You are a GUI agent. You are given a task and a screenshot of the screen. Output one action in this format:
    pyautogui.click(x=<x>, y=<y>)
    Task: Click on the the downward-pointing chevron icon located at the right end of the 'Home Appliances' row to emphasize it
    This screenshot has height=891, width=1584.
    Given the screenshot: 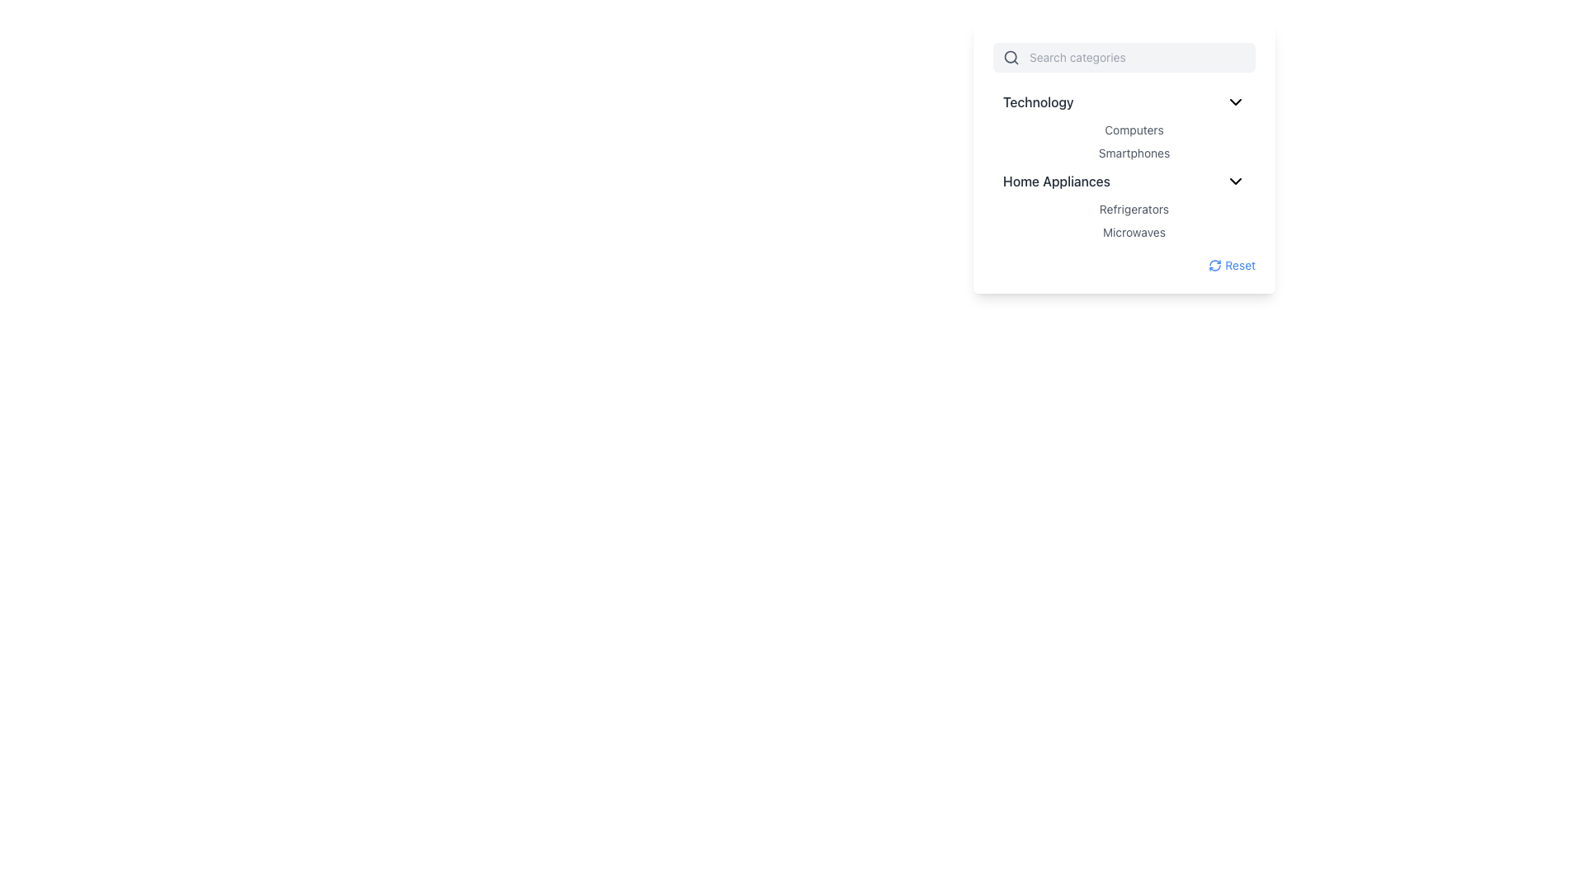 What is the action you would take?
    pyautogui.click(x=1235, y=181)
    